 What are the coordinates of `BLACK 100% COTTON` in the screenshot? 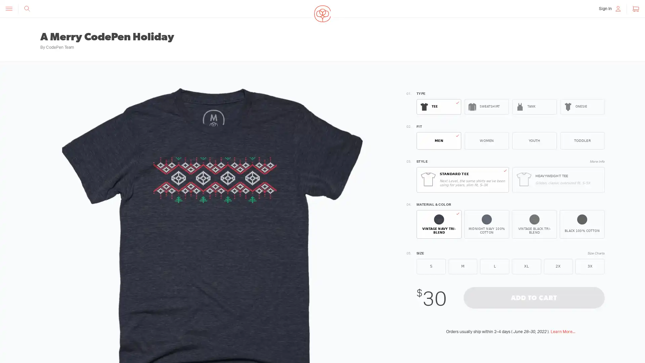 It's located at (582, 224).